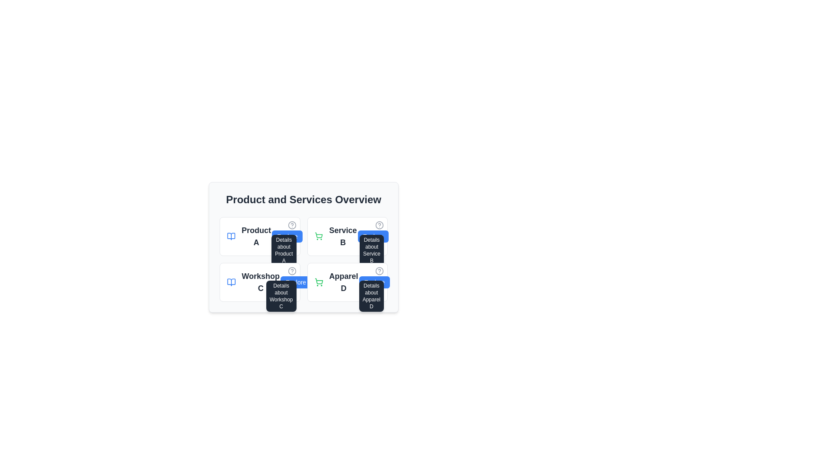 This screenshot has width=830, height=467. What do you see at coordinates (259, 237) in the screenshot?
I see `the top-left product card in the grid that represents 'Product A'` at bounding box center [259, 237].